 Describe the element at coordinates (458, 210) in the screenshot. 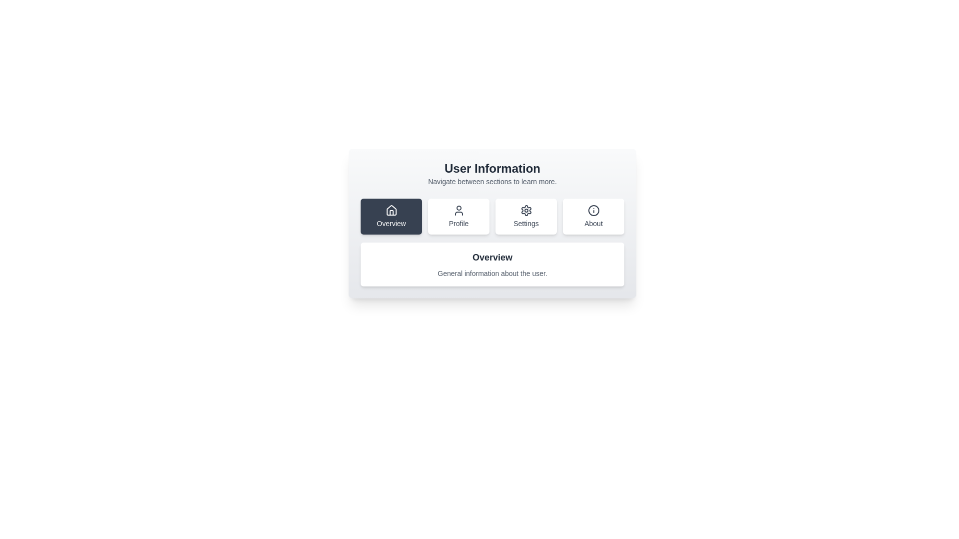

I see `the 'Profile' icon located in the navigation bar between the 'Overview' and 'Settings' buttons` at that location.